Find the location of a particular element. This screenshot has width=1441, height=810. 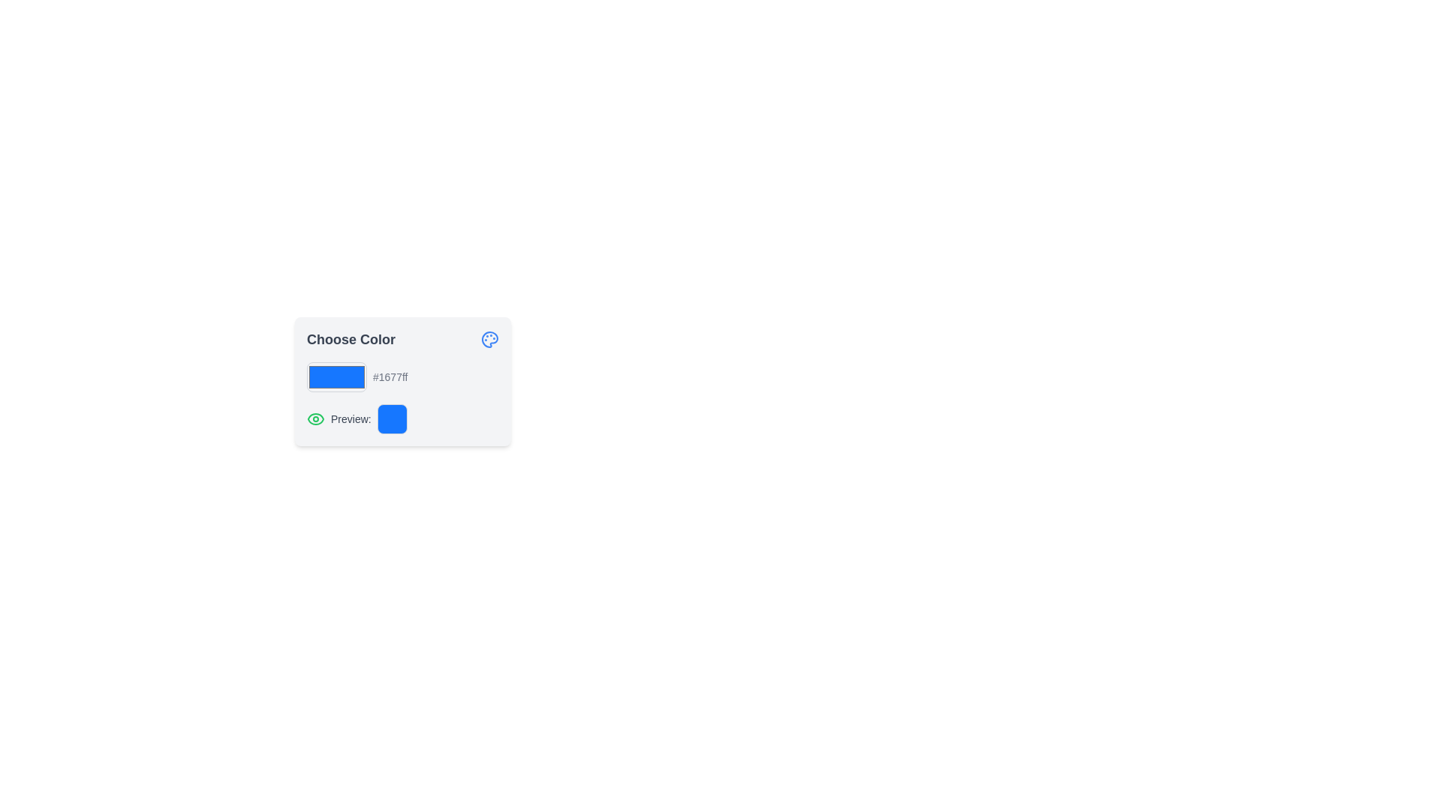

the green eye icon located leftmost in the group labeled 'Preview:', which signifies a visual indication or preview is located at coordinates (315, 419).